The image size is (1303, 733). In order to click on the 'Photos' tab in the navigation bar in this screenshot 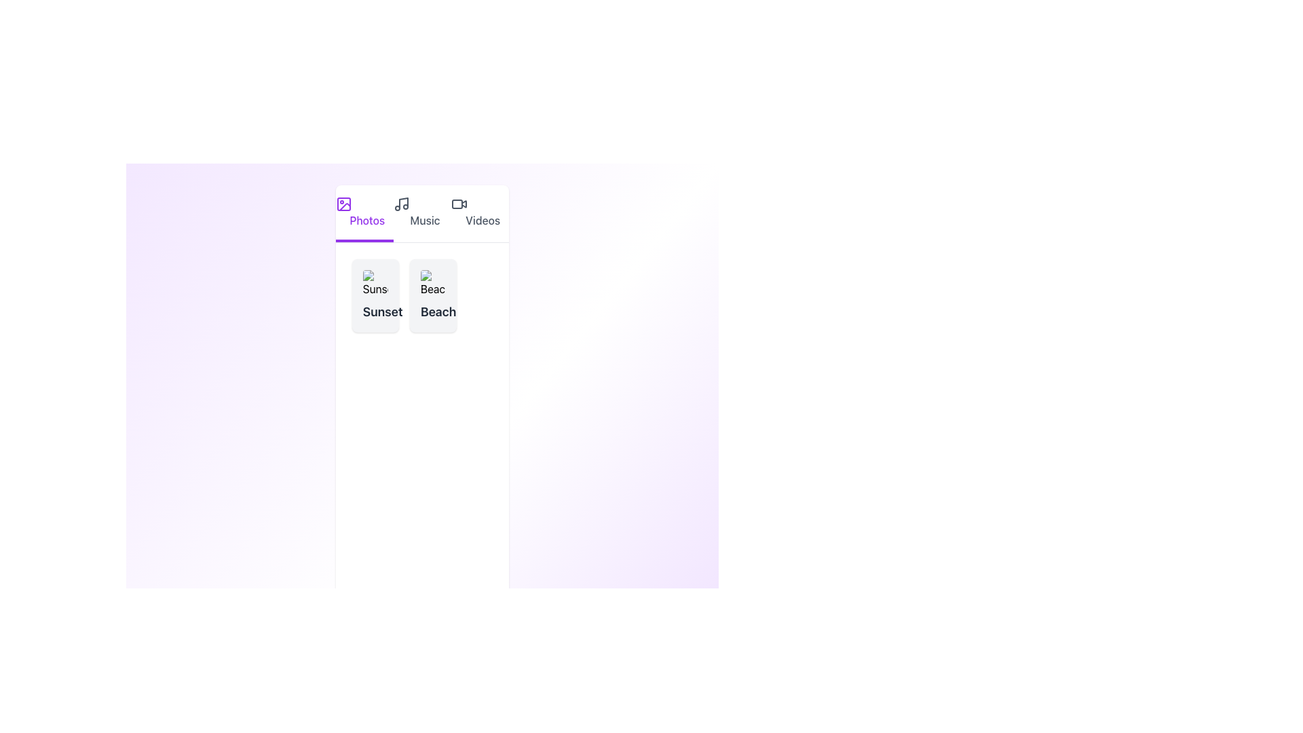, I will do `click(364, 214)`.